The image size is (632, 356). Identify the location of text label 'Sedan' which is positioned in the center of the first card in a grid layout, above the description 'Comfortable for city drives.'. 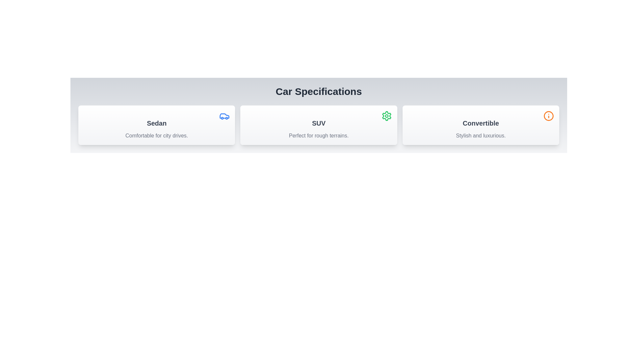
(156, 123).